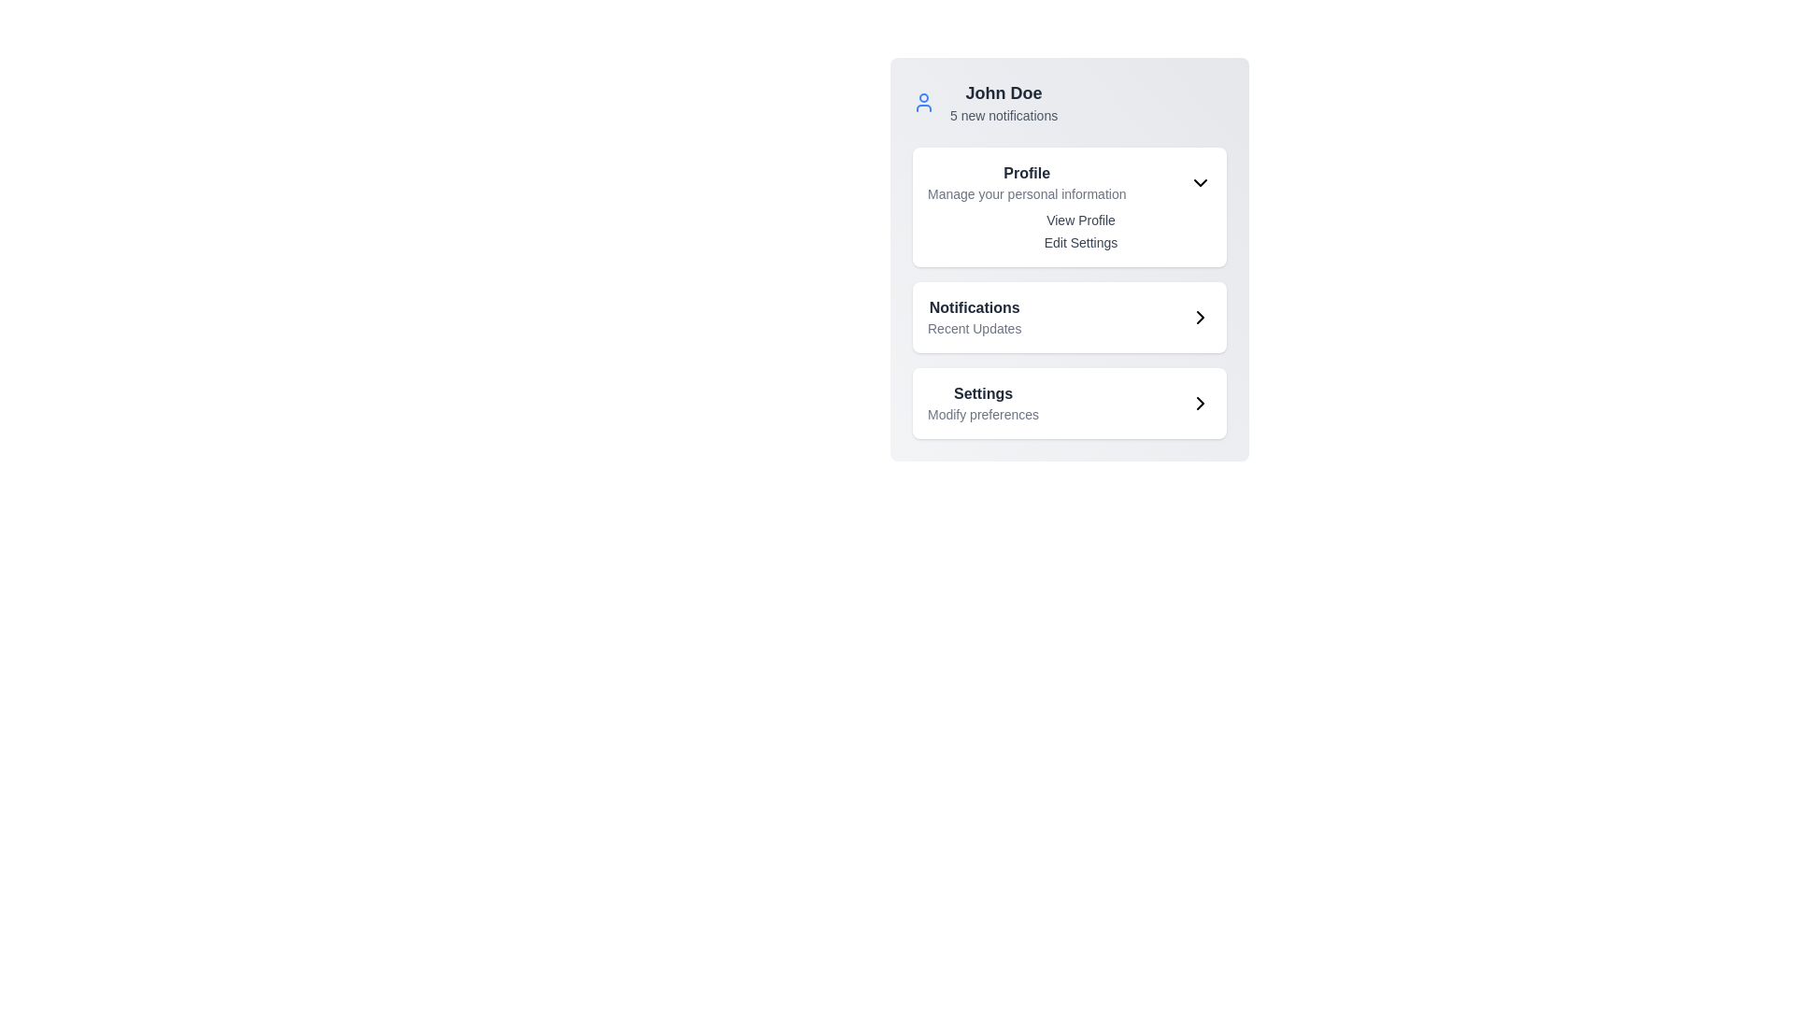 Image resolution: width=1794 pixels, height=1009 pixels. I want to click on the 'View Profile' link located within the dropdown under the 'Profile' header, following 'Manage your personal information' and above the 'Notifications' section, so click(1070, 230).